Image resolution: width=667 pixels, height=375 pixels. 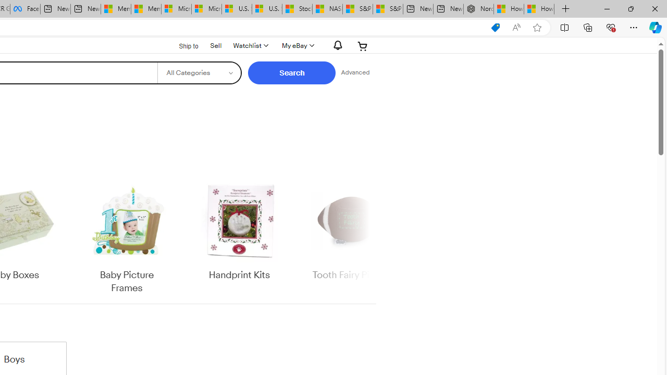 I want to click on 'Handprint Kits', so click(x=239, y=230).